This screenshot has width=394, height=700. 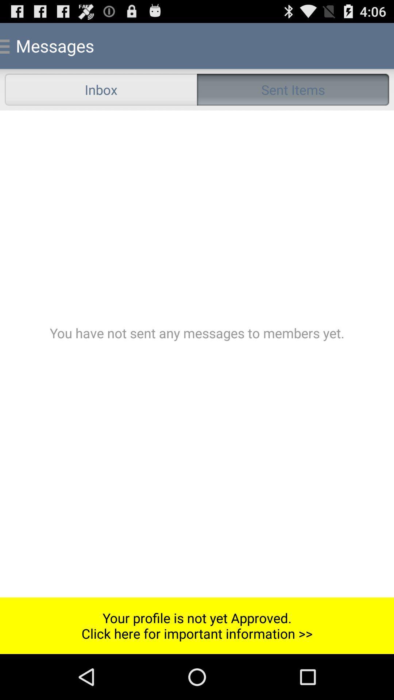 I want to click on item at the top right corner, so click(x=293, y=89).